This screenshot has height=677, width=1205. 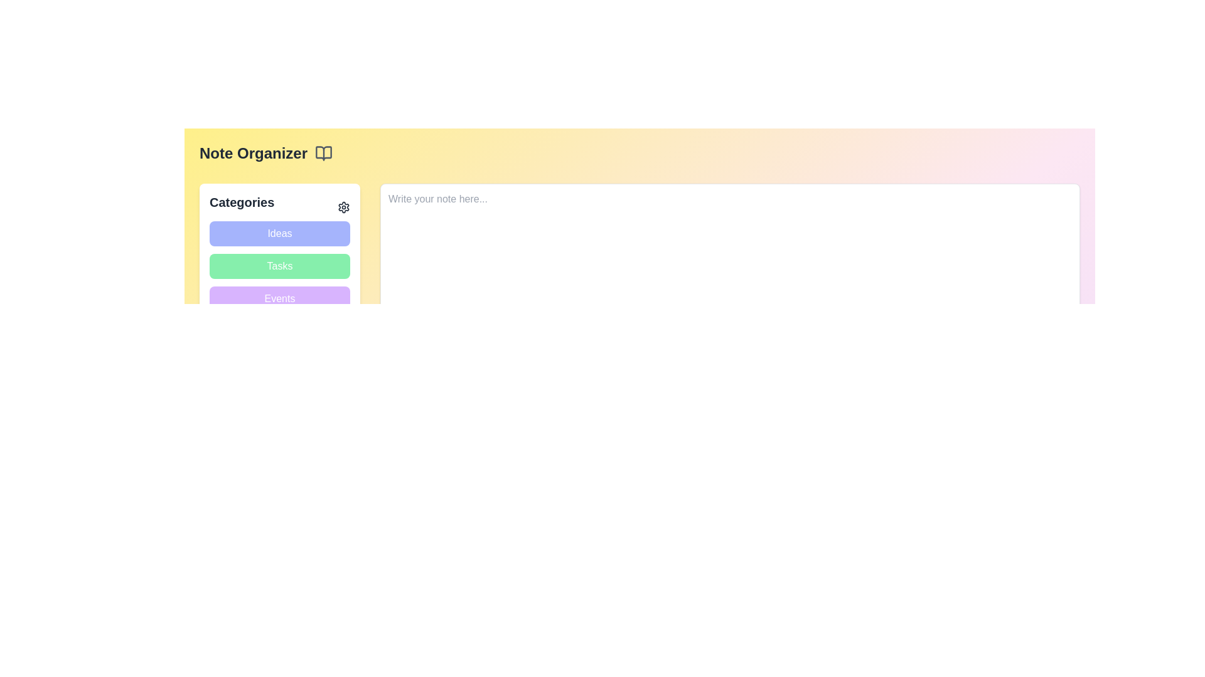 I want to click on the right page of the book icon, which is part of the 'Note Organizer' heading interface, so click(x=324, y=153).